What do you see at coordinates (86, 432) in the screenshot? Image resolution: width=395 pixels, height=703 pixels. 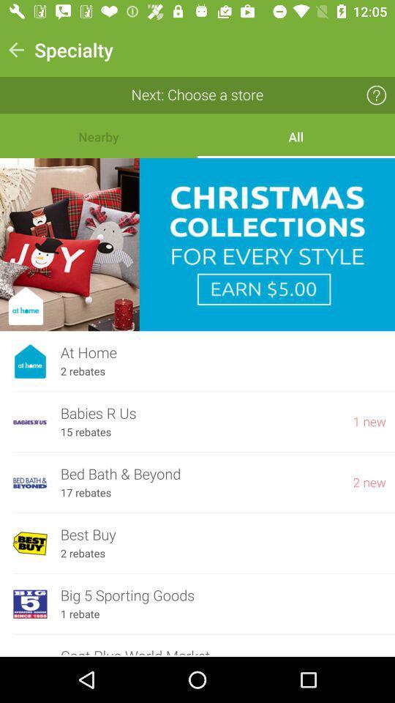 I see `15 rebates` at bounding box center [86, 432].